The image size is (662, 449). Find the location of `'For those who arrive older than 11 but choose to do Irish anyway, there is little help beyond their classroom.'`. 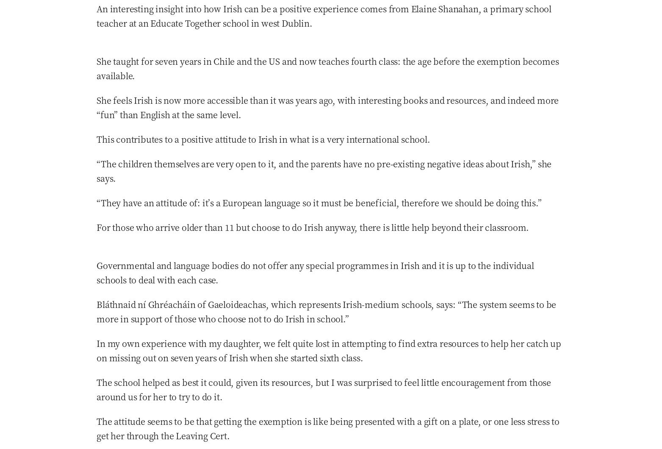

'For those who arrive older than 11 but choose to do Irish anyway, there is little help beyond their classroom.' is located at coordinates (313, 227).